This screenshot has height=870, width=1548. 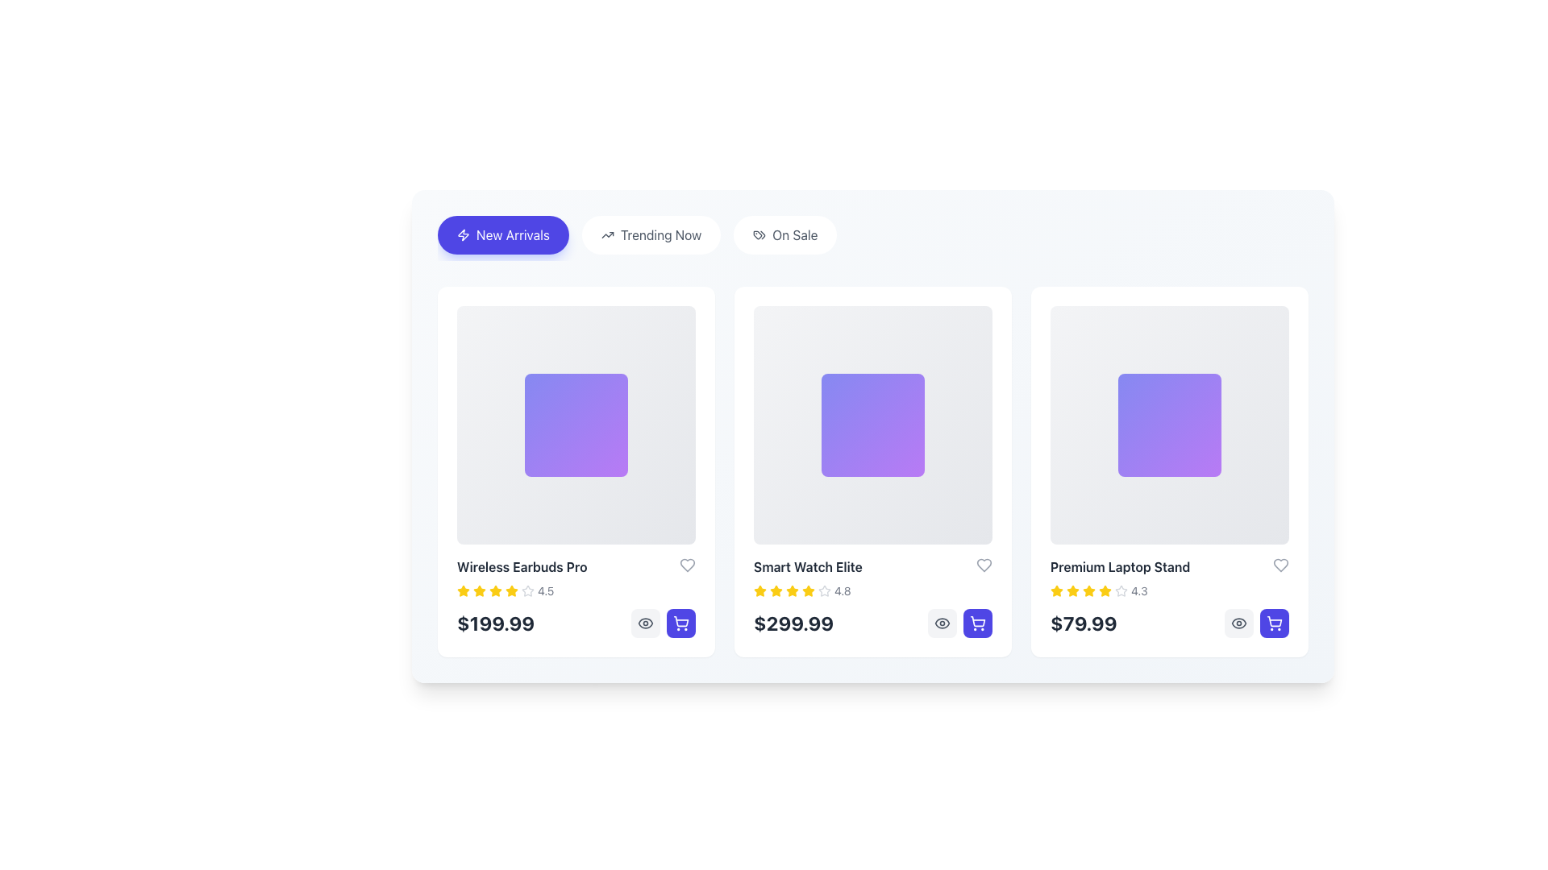 I want to click on the second rating star in the first product card to rate it, so click(x=479, y=590).